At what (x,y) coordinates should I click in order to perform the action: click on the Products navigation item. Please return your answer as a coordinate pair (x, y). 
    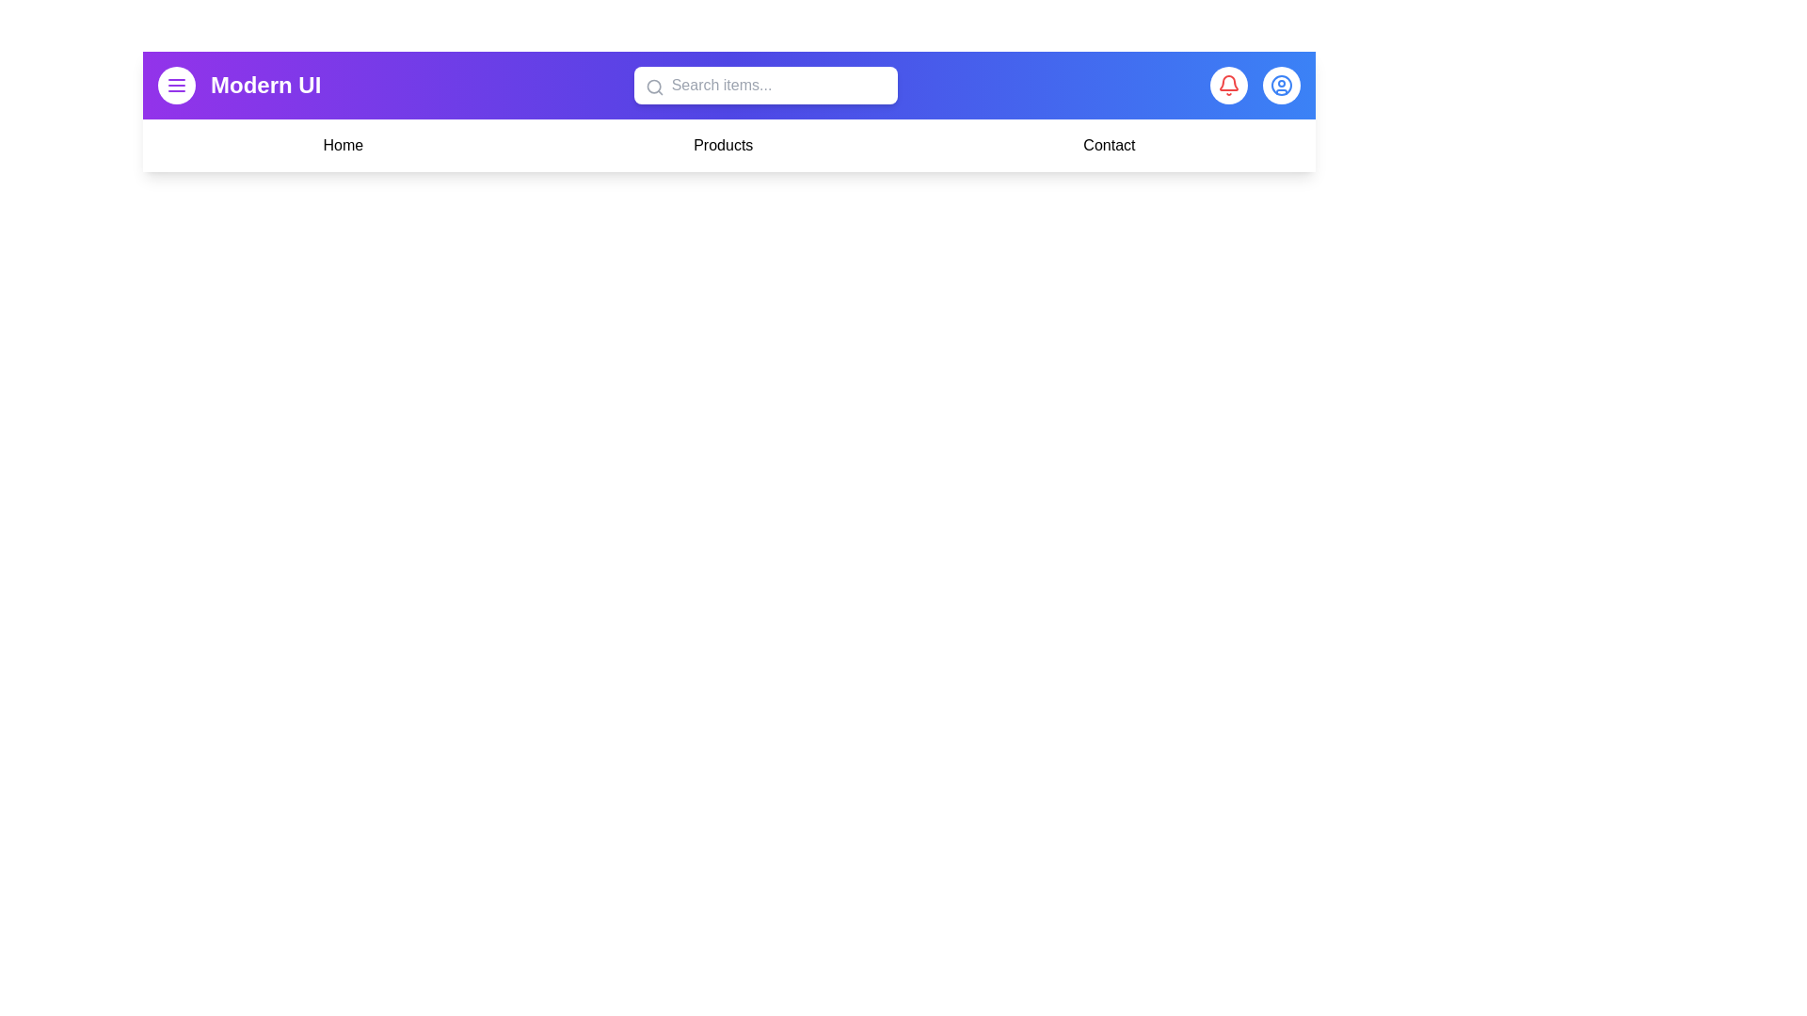
    Looking at the image, I should click on (722, 144).